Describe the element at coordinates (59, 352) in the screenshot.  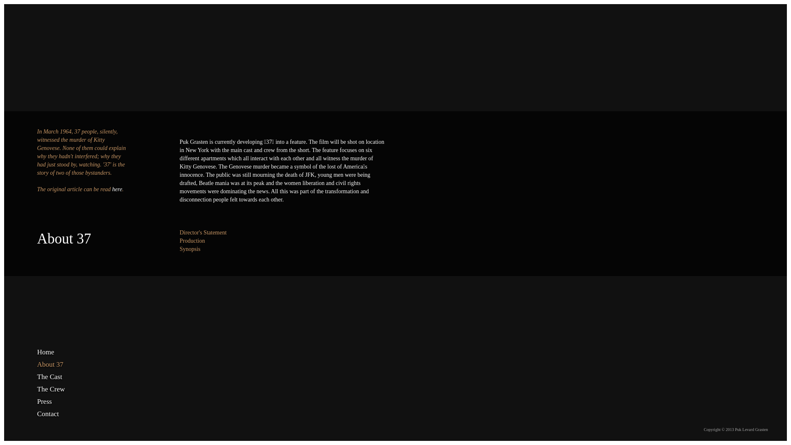
I see `'Home'` at that location.